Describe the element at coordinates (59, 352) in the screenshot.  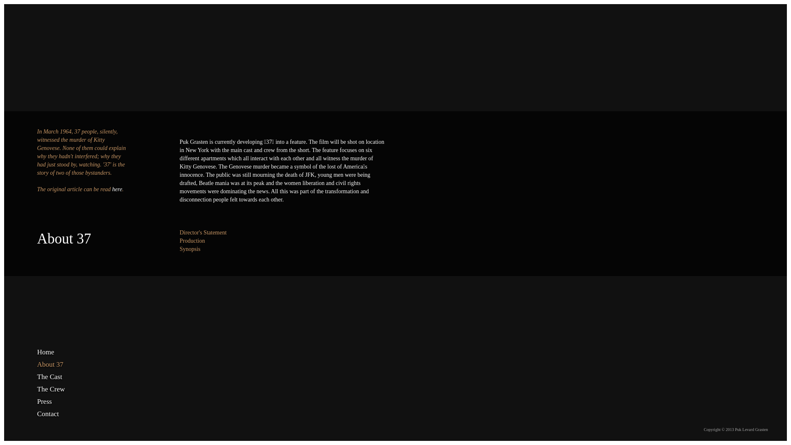
I see `'Home'` at that location.